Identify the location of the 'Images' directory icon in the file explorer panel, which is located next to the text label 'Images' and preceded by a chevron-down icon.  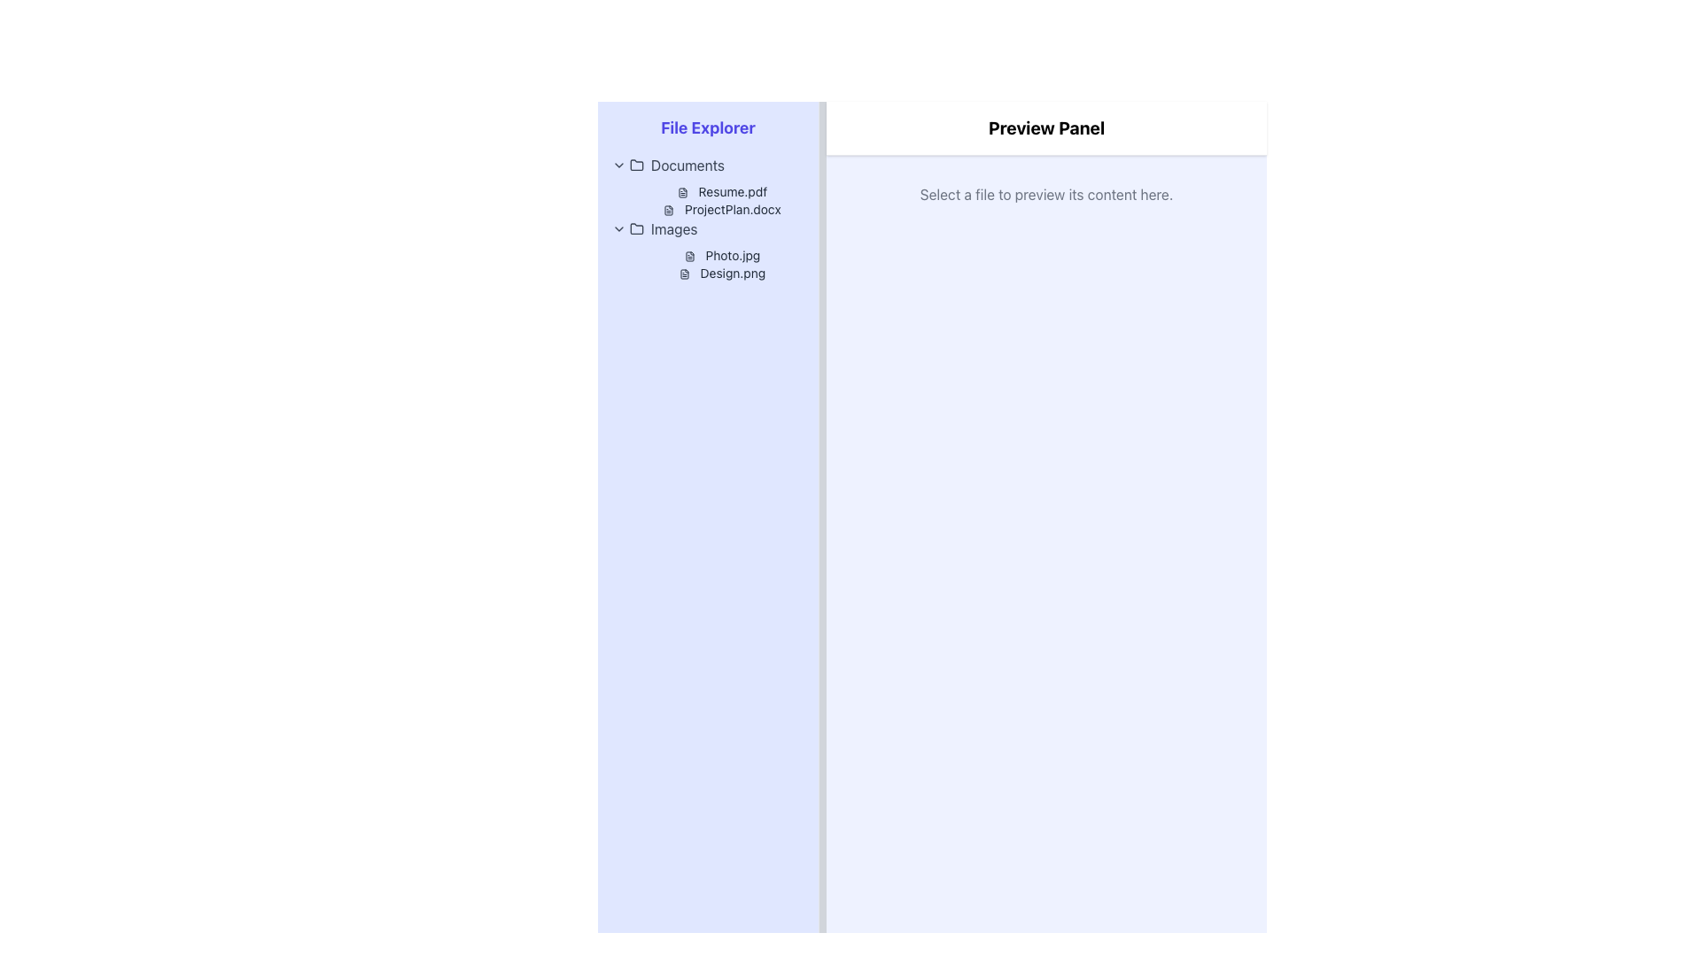
(637, 227).